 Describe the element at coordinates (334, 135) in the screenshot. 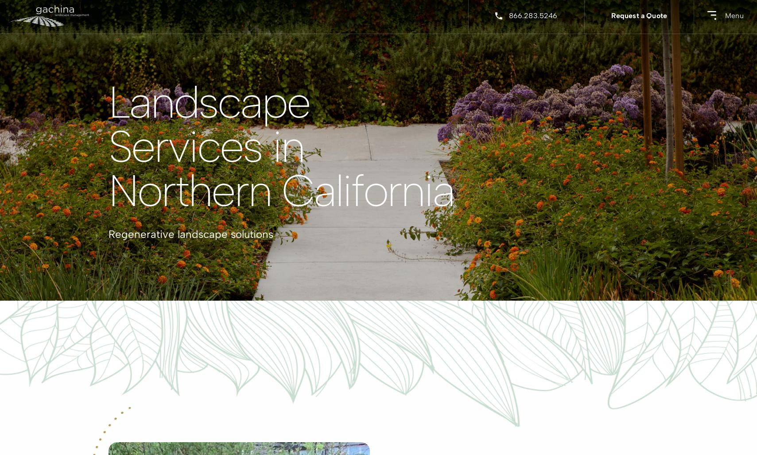

I see `'Blog'` at that location.